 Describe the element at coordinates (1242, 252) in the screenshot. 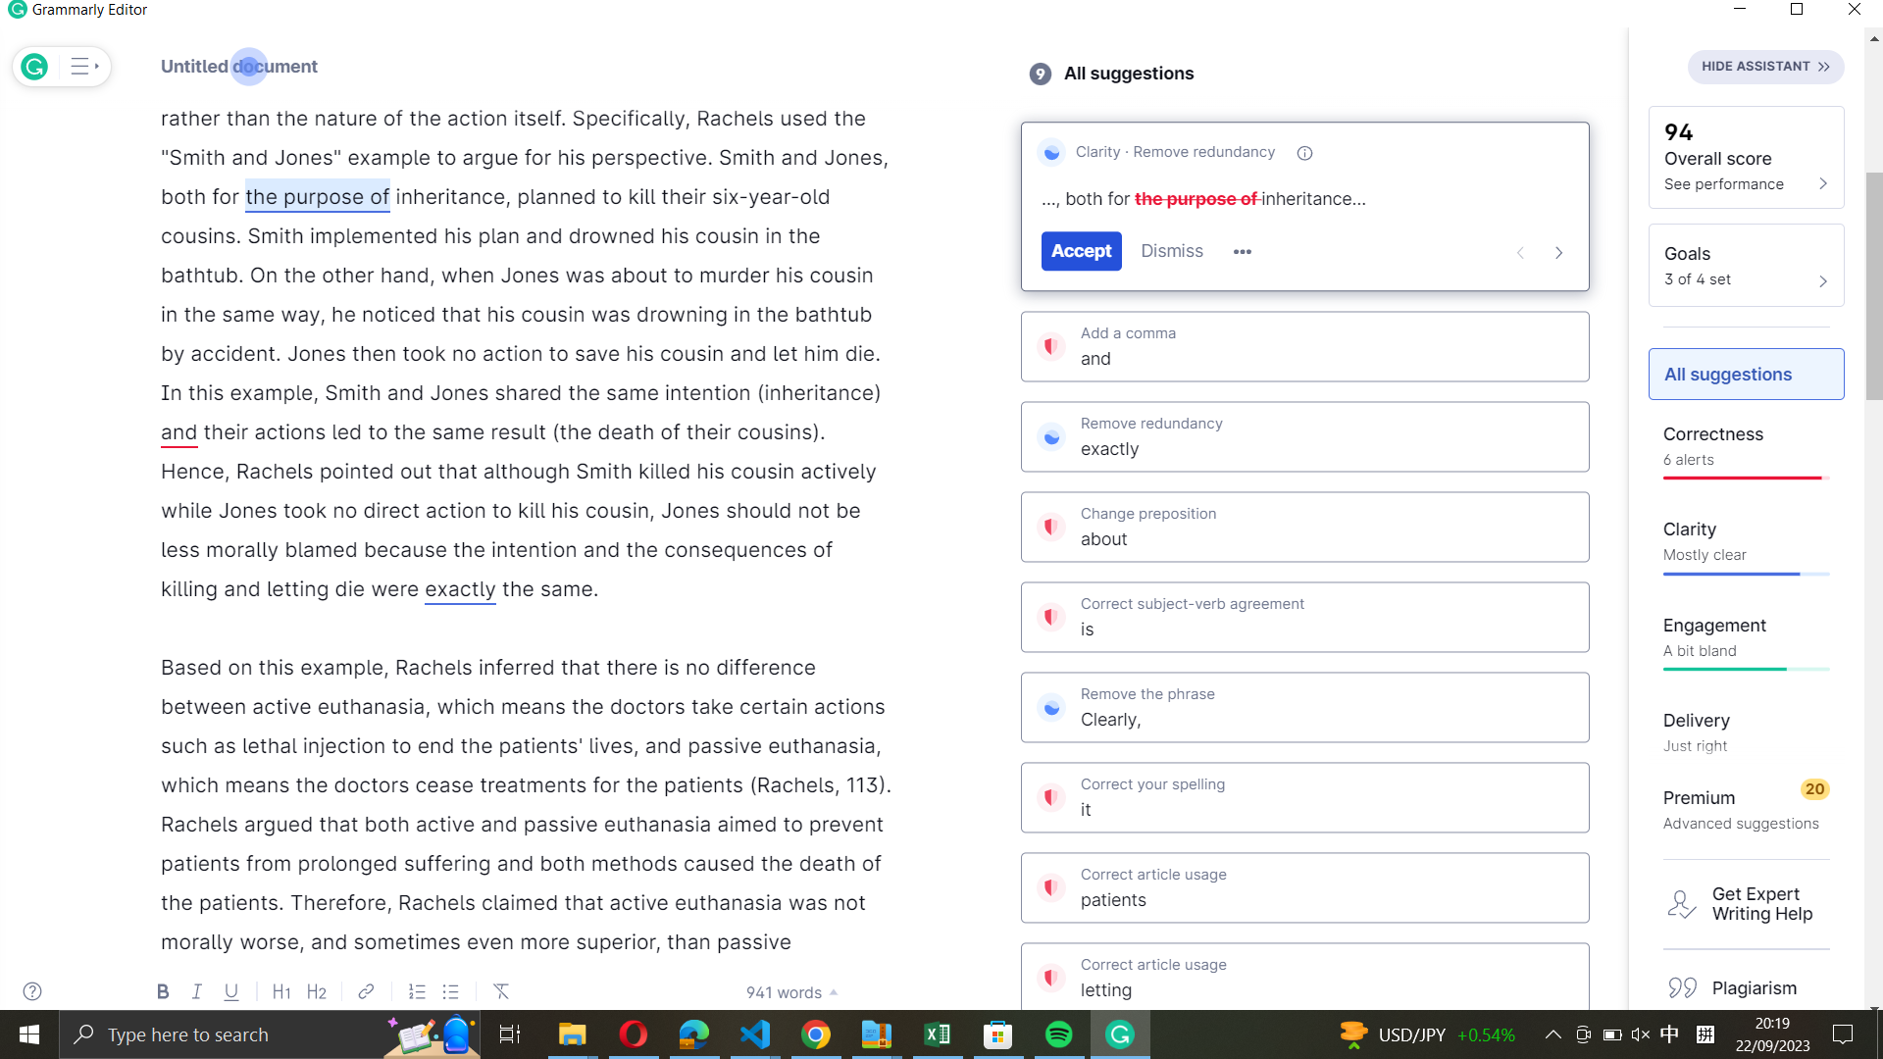

I see `View more options for Grammarly"s suggestions` at that location.